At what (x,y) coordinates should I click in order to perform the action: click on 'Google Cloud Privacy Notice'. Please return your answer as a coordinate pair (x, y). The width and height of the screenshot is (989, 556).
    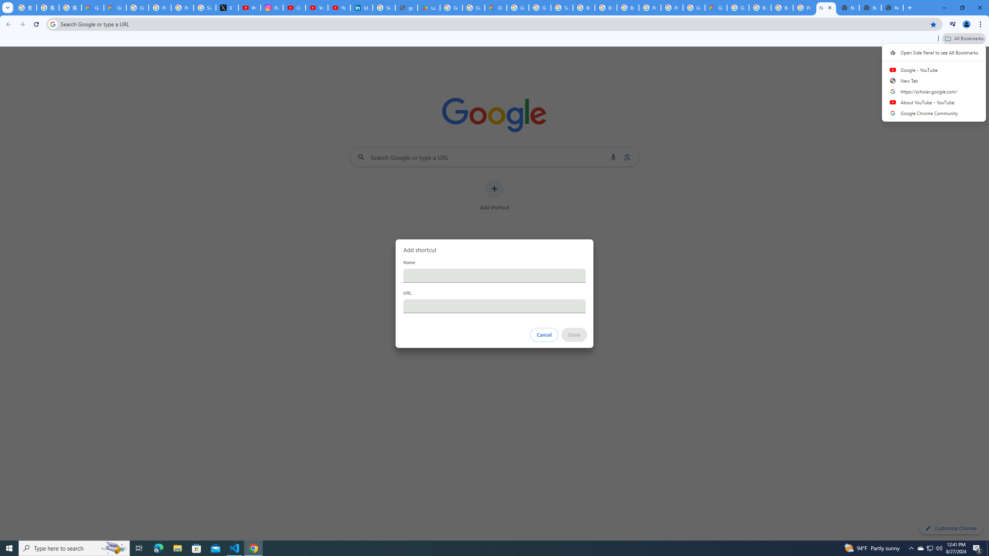
    Looking at the image, I should click on (115, 7).